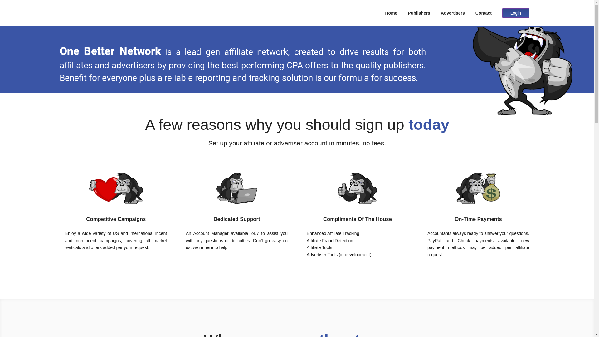 The width and height of the screenshot is (599, 337). I want to click on 'Home', so click(391, 13).